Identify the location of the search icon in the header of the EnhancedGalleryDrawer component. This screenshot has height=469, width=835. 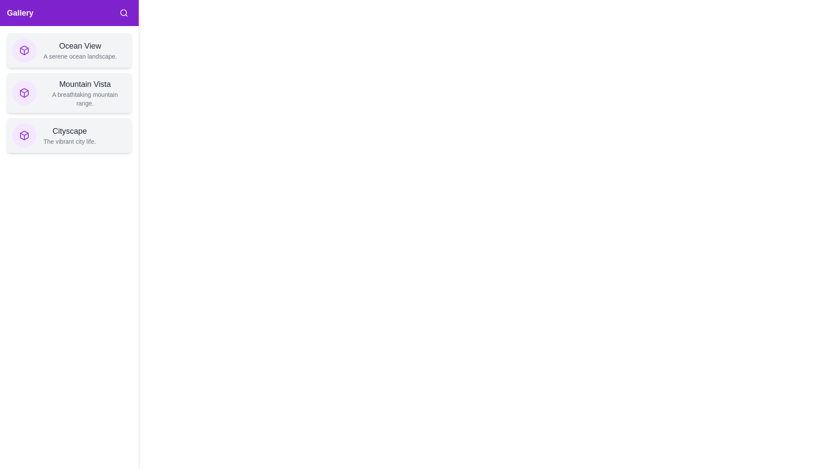
(123, 13).